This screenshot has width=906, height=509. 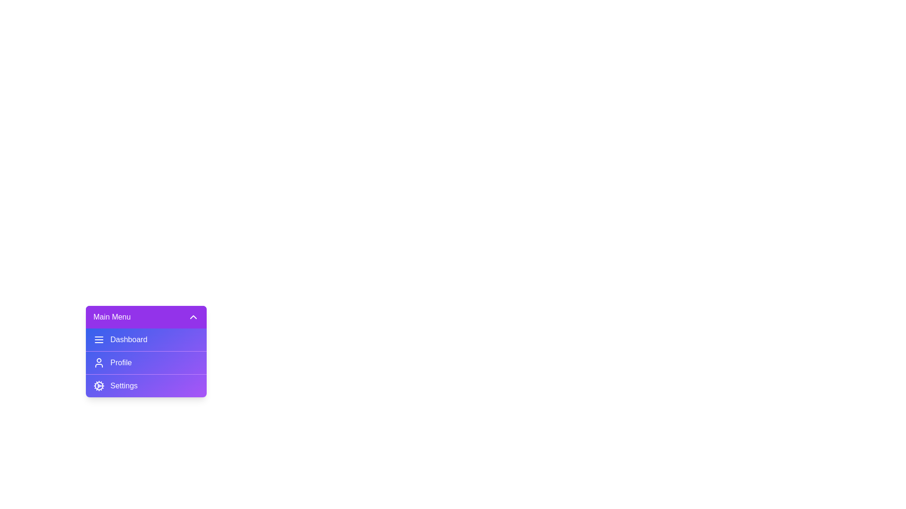 I want to click on the purple cogwheel-shaped icon representing settings, located at the beginning of the 'Settings' menu item in the vertical navigation menu, so click(x=99, y=386).